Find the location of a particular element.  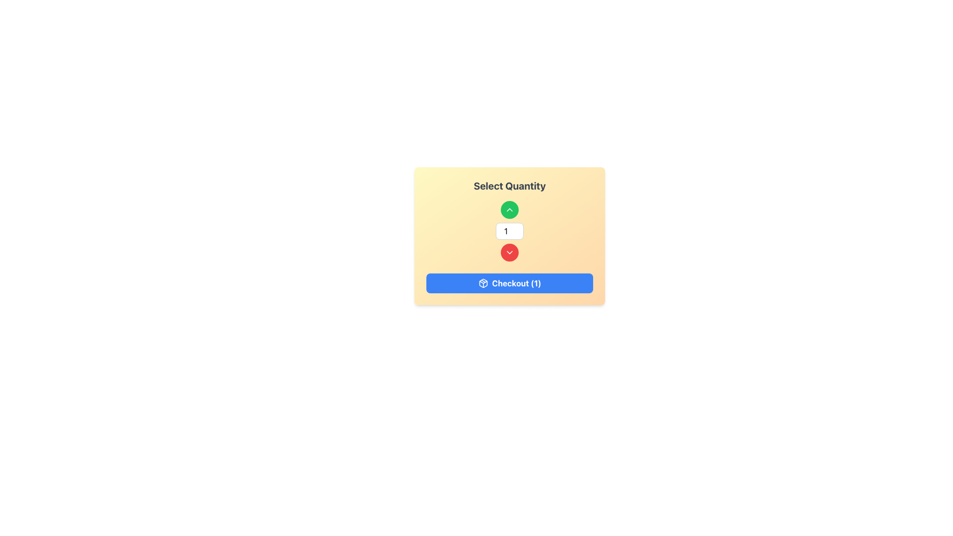

the small outlined package box icon located to the left of the 'Checkout (1)' text on the blue button is located at coordinates (483, 283).